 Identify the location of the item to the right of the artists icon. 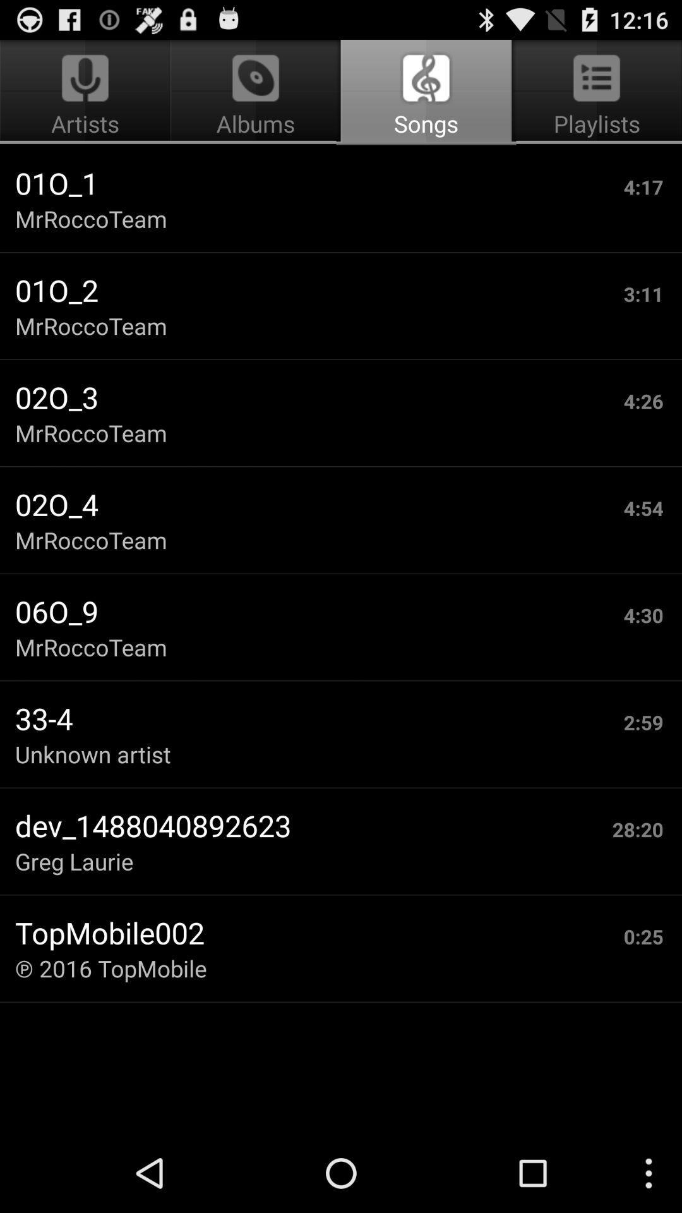
(426, 92).